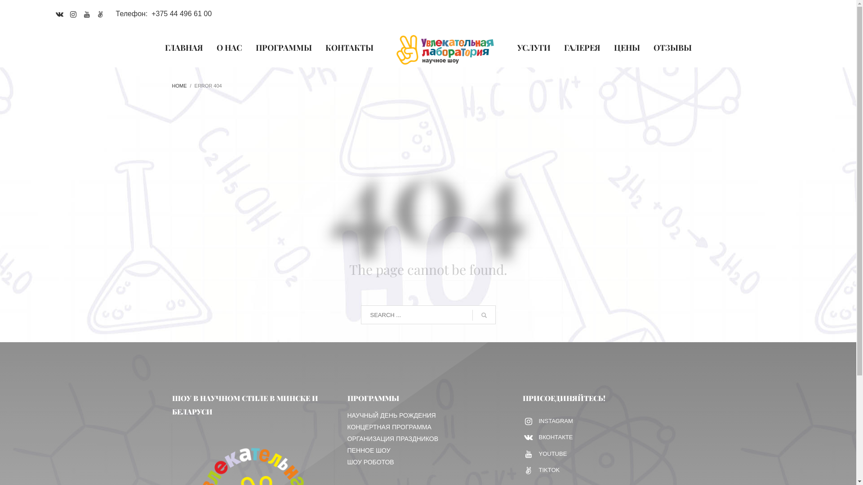 This screenshot has width=863, height=485. What do you see at coordinates (80, 13) in the screenshot?
I see `'Youtube'` at bounding box center [80, 13].